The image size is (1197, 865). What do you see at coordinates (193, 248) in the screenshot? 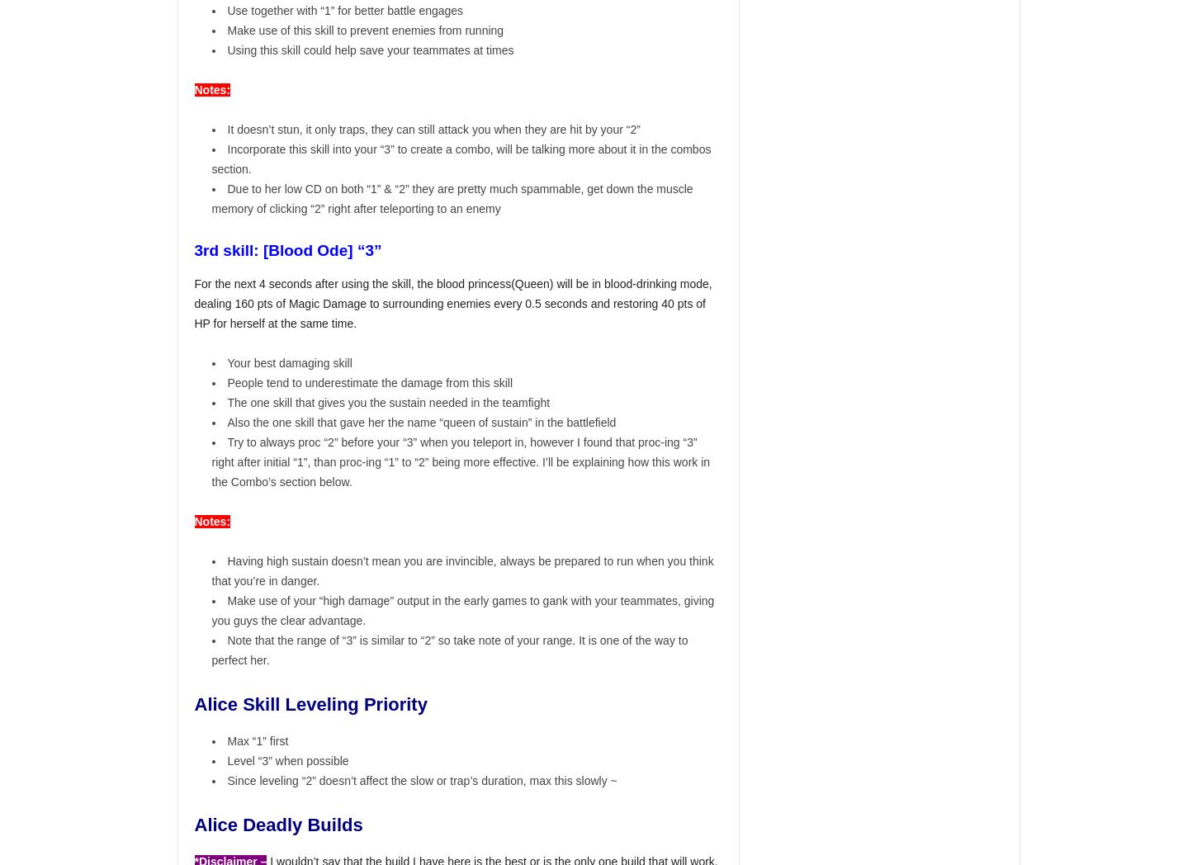
I see `'3rd skill: [Blood Ode] “3”'` at bounding box center [193, 248].